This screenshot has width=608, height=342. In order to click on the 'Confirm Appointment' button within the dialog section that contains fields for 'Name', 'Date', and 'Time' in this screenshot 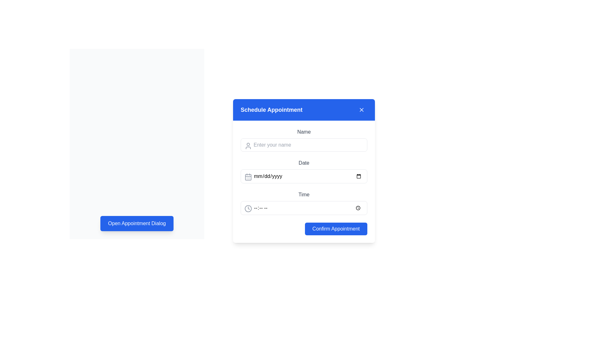, I will do `click(304, 182)`.